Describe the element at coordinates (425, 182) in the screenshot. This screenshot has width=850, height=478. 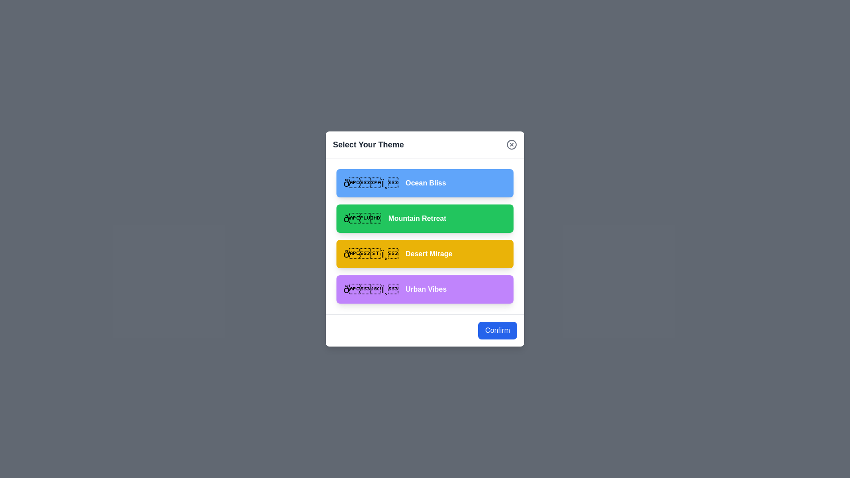
I see `the theme Ocean Bliss from the list` at that location.